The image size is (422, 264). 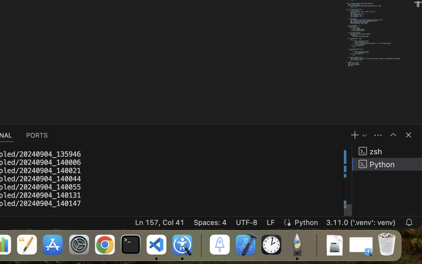 What do you see at coordinates (387, 164) in the screenshot?
I see `'Python '` at bounding box center [387, 164].